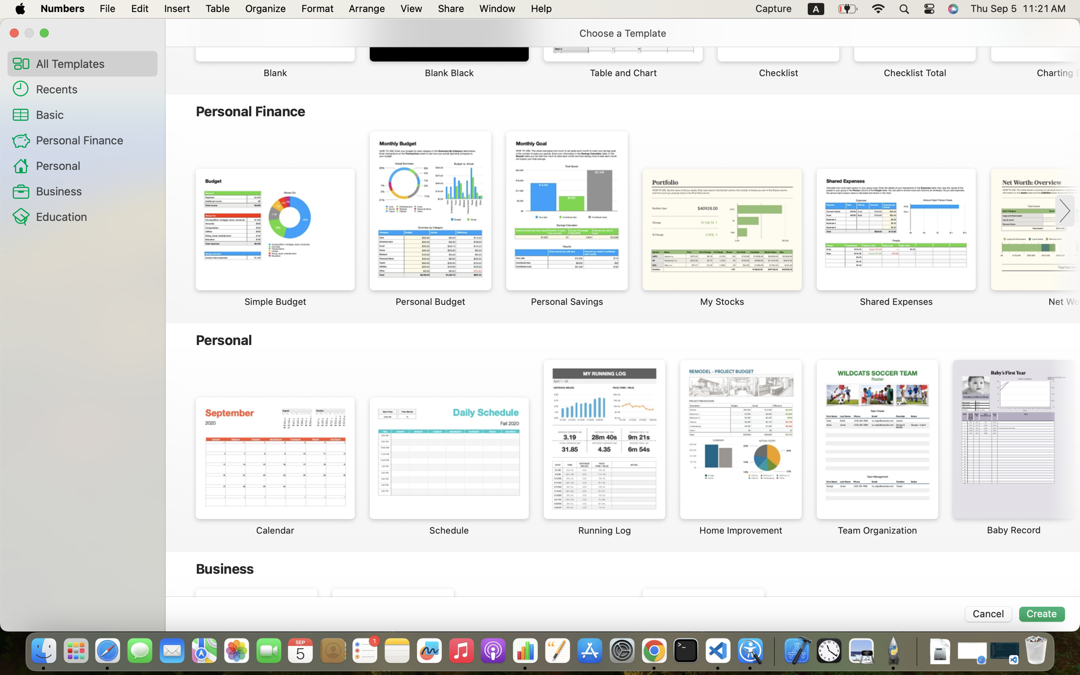 The height and width of the screenshot is (675, 1080). Describe the element at coordinates (93, 139) in the screenshot. I see `'Personal Finance'` at that location.